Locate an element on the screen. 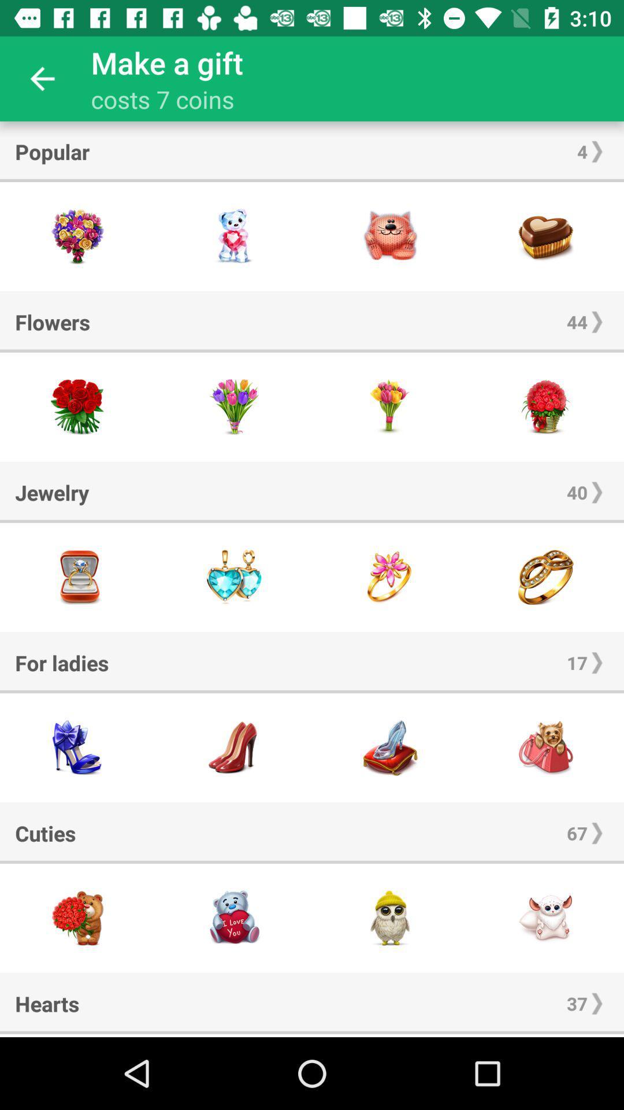  this gift button is located at coordinates (546, 236).